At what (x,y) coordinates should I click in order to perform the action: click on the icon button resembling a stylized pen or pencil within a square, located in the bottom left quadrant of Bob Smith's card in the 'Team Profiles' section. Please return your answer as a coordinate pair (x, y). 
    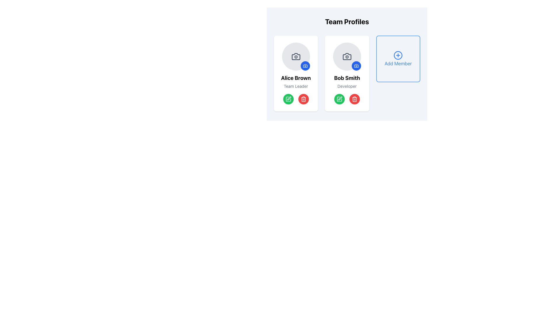
    Looking at the image, I should click on (339, 99).